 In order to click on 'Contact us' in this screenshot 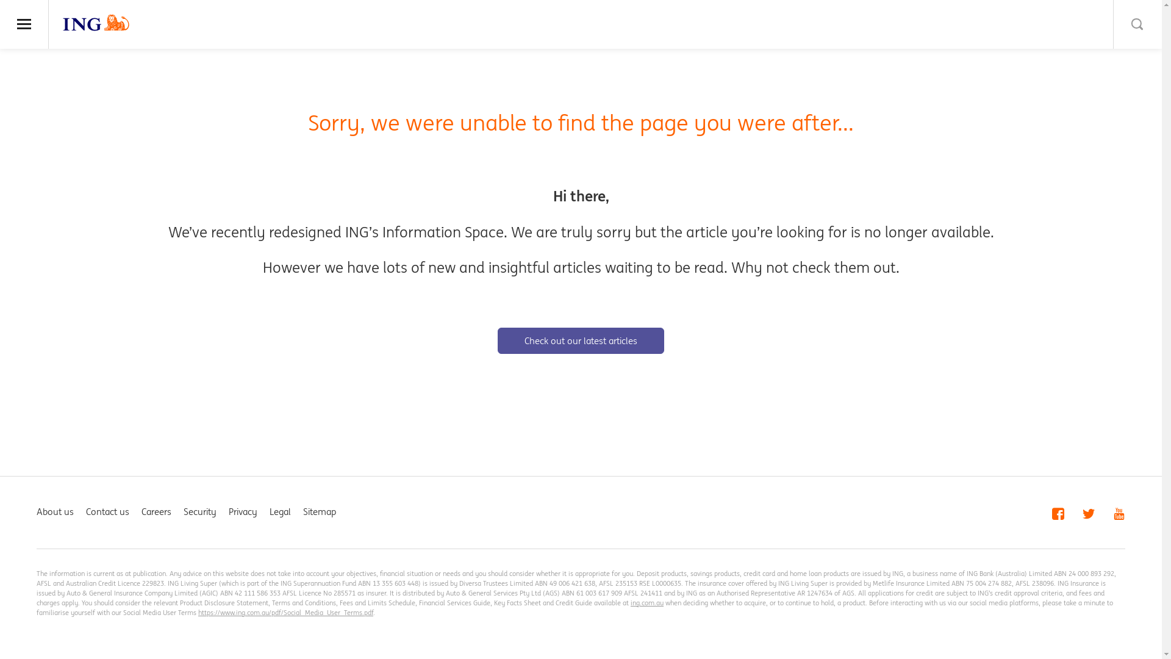, I will do `click(107, 511)`.